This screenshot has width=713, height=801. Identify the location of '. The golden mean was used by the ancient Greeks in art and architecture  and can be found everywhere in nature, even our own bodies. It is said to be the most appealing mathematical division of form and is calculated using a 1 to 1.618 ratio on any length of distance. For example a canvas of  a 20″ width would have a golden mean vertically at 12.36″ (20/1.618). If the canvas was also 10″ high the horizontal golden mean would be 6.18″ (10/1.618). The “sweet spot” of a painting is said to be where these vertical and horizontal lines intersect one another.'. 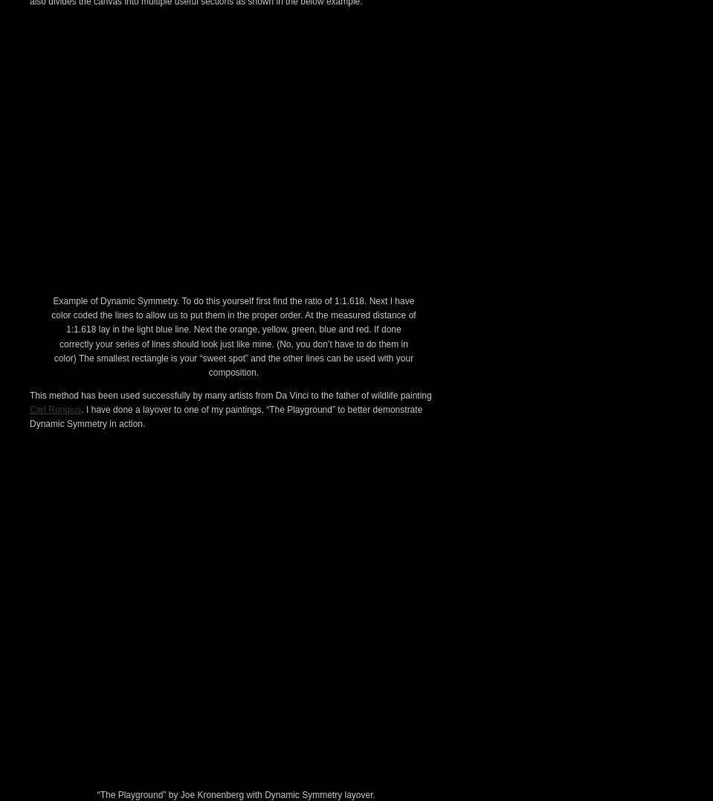
(231, 170).